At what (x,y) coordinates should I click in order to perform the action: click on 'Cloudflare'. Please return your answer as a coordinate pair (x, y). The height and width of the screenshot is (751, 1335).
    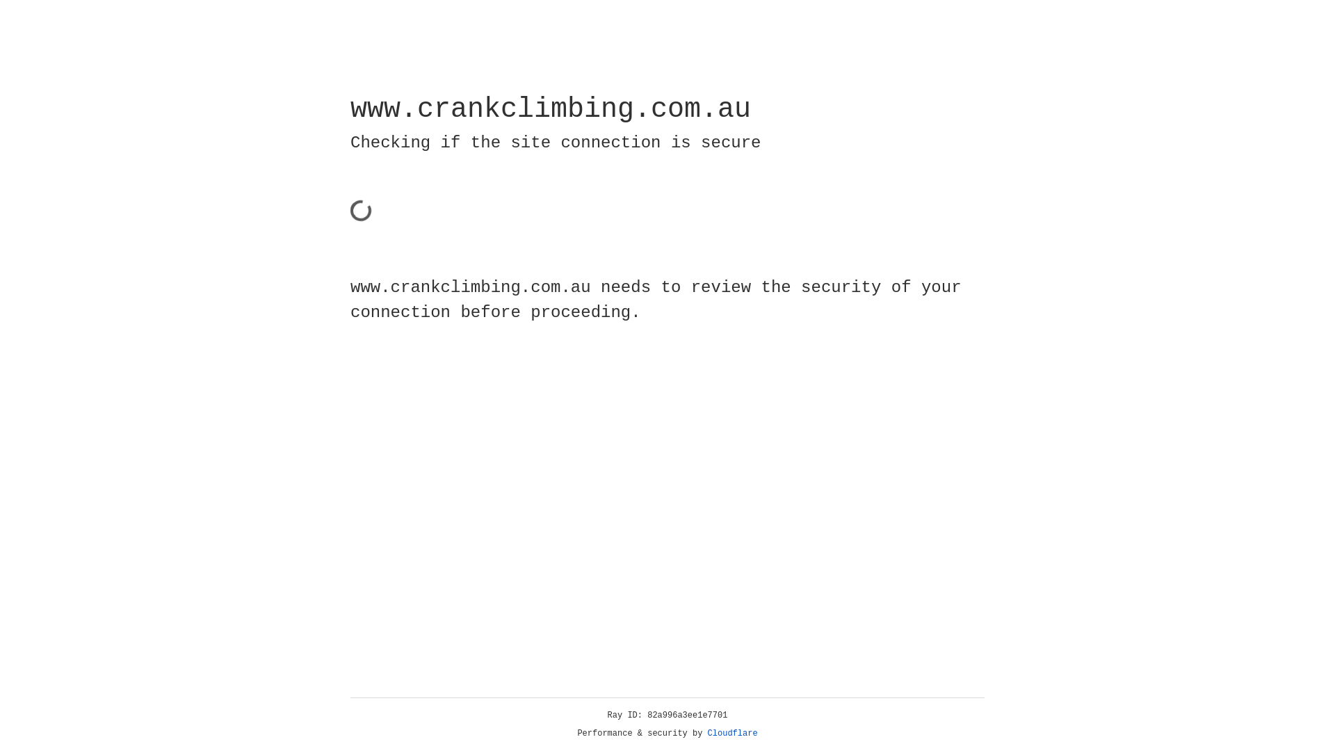
    Looking at the image, I should click on (707, 733).